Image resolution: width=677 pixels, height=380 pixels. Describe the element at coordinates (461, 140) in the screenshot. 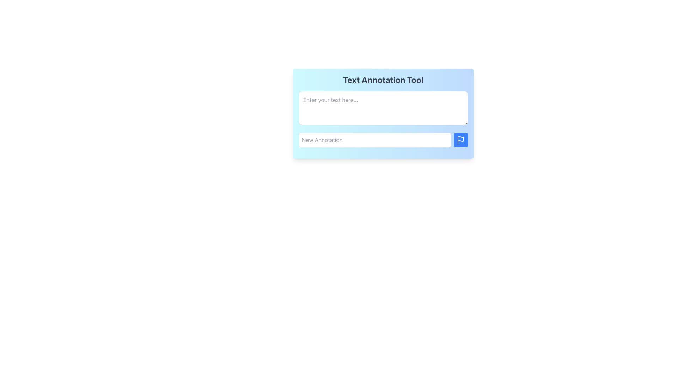

I see `the flag icon located inside a rounded blue button at the right end of the 'New Annotation' text input field` at that location.